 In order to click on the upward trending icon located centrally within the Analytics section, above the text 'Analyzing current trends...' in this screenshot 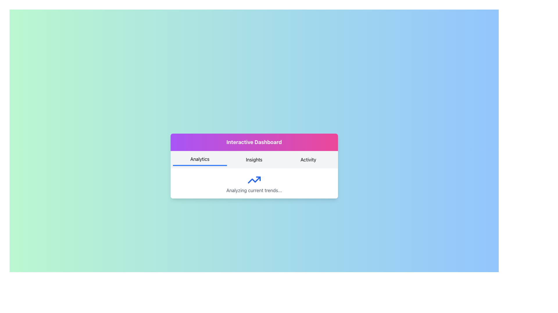, I will do `click(254, 180)`.